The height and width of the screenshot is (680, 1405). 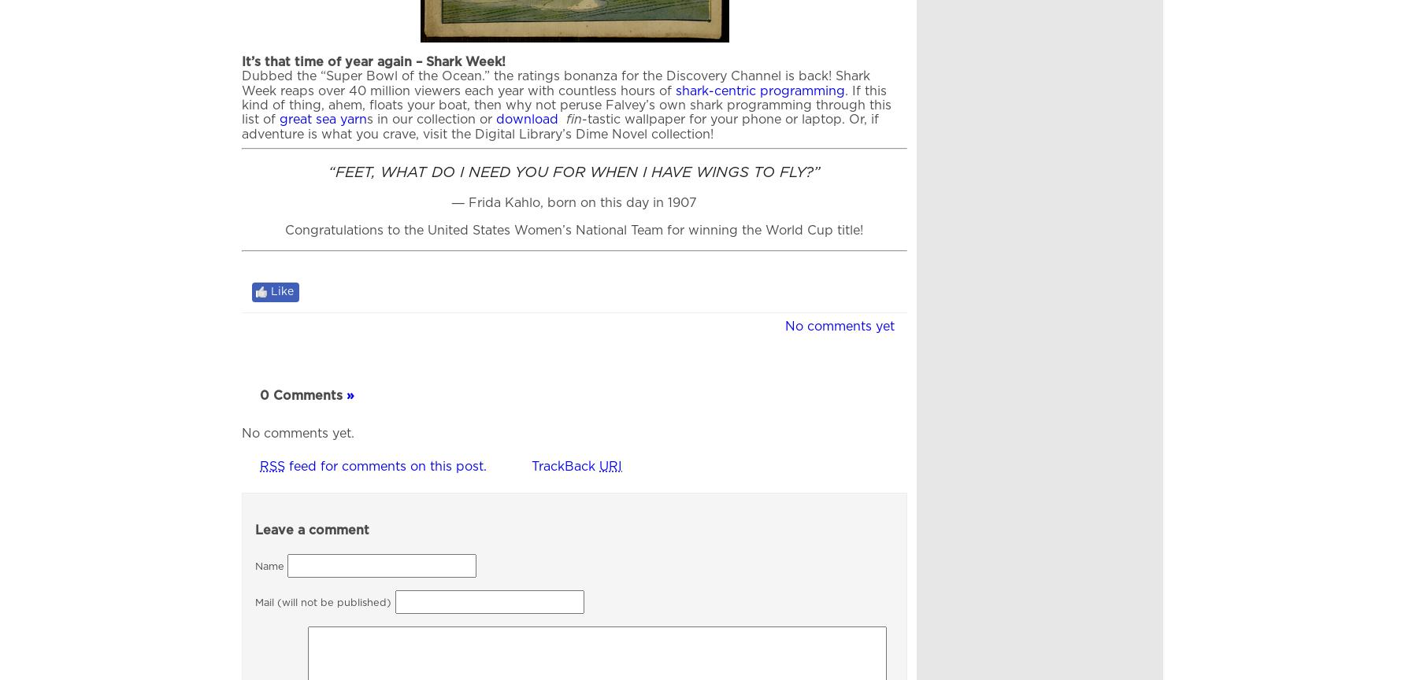 I want to click on 'feed for comments on this post.', so click(x=386, y=465).